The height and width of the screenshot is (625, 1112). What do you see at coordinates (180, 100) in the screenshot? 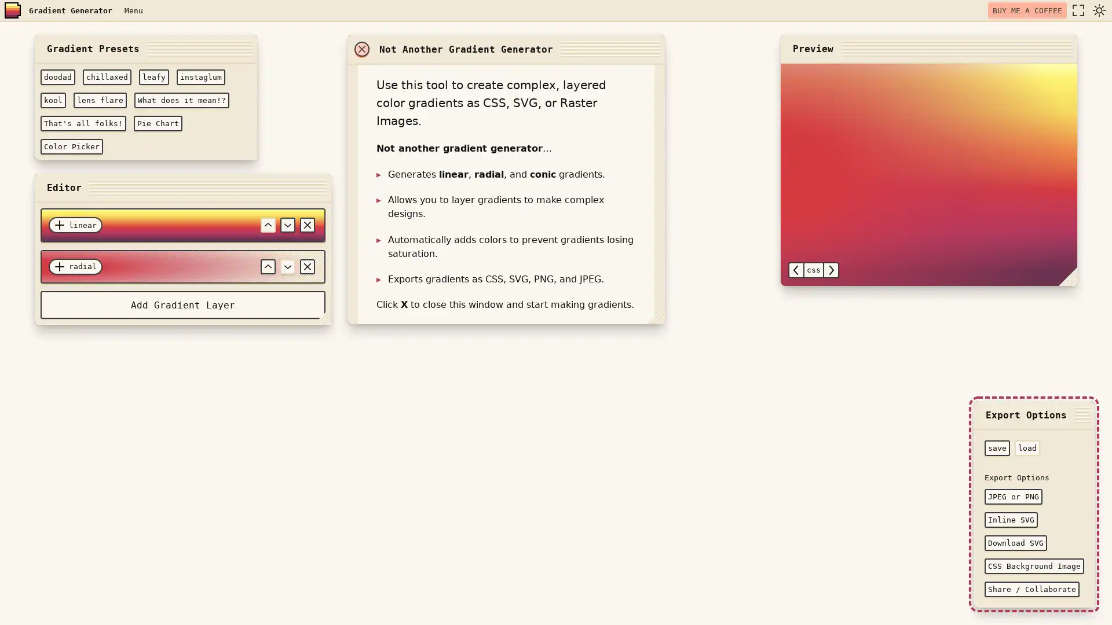
I see `What does it mean!?` at bounding box center [180, 100].